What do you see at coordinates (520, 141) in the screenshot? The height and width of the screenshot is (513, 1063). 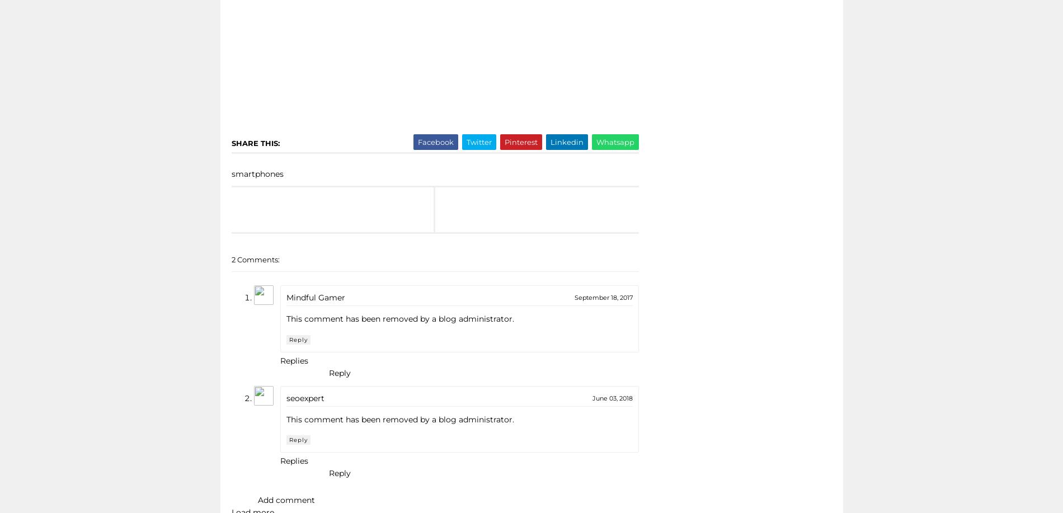 I see `'Pinterest'` at bounding box center [520, 141].